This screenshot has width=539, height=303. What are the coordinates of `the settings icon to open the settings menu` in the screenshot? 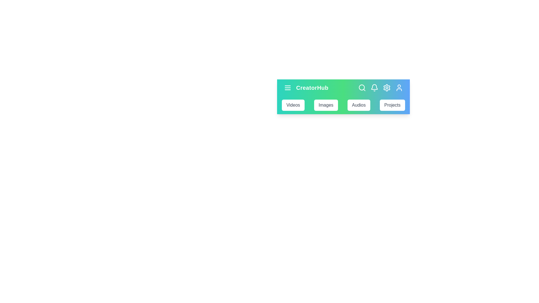 It's located at (386, 88).